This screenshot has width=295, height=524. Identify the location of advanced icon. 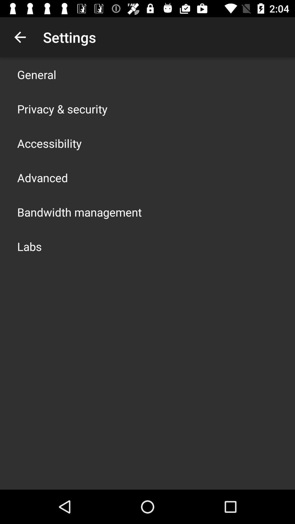
(42, 178).